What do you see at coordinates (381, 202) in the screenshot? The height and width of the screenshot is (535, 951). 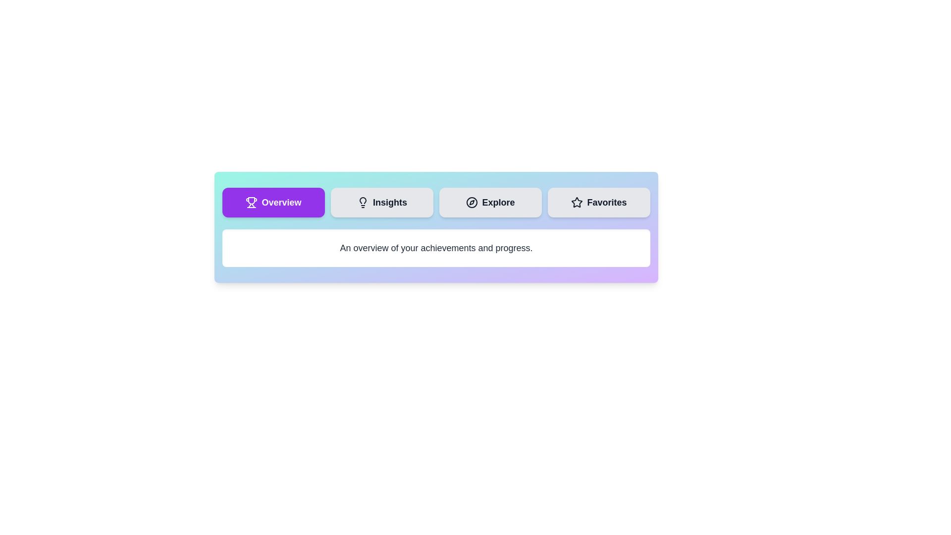 I see `the tab labeled Insights to observe its hover effect` at bounding box center [381, 202].